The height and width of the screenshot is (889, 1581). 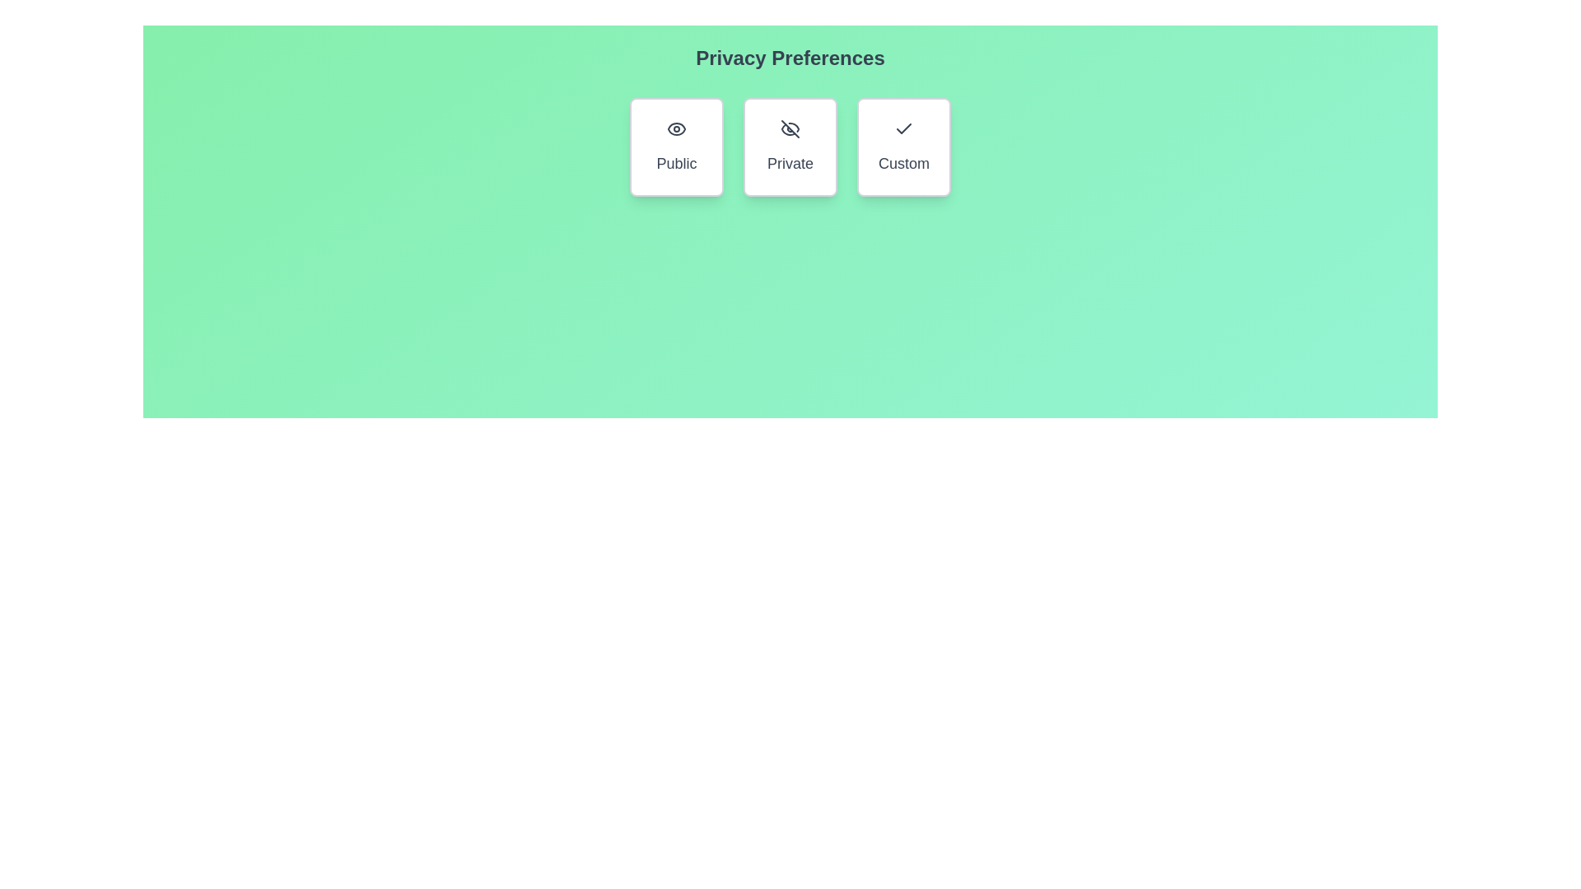 I want to click on the 'Custom' privacy option to toggle its selection, so click(x=903, y=146).